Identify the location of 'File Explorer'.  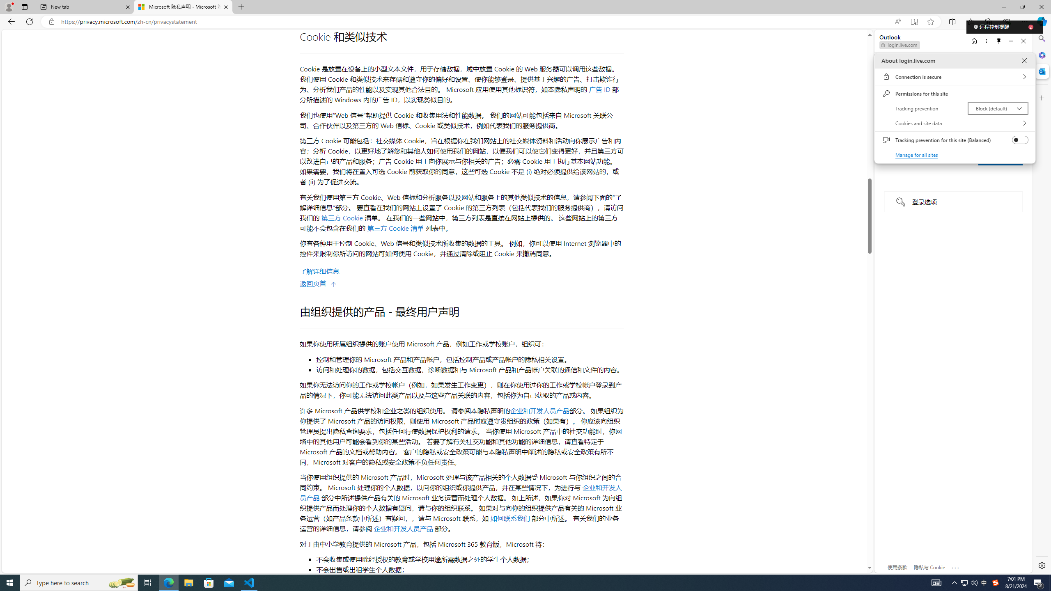
(188, 582).